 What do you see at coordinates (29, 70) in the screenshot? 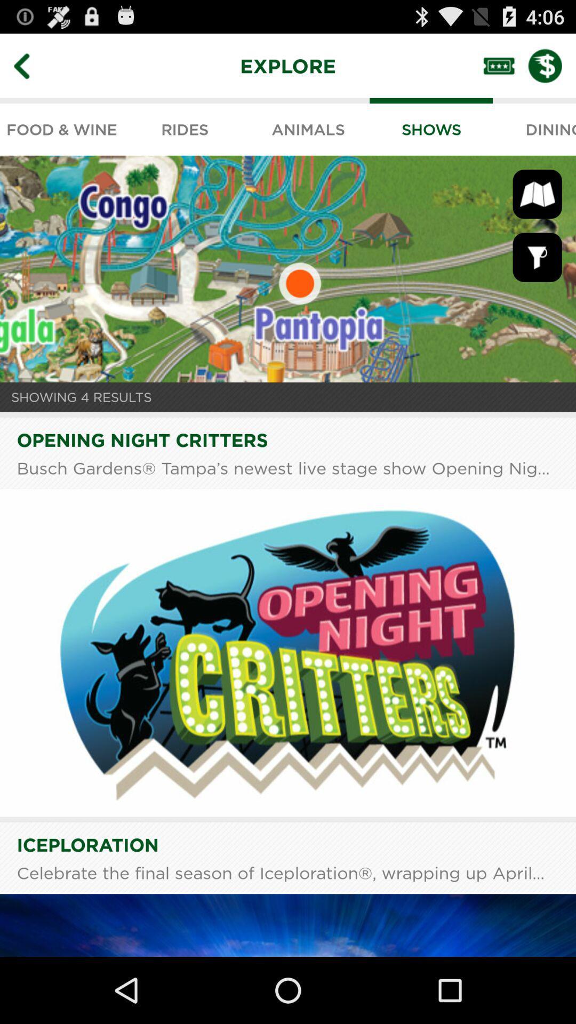
I see `the arrow_backward icon` at bounding box center [29, 70].